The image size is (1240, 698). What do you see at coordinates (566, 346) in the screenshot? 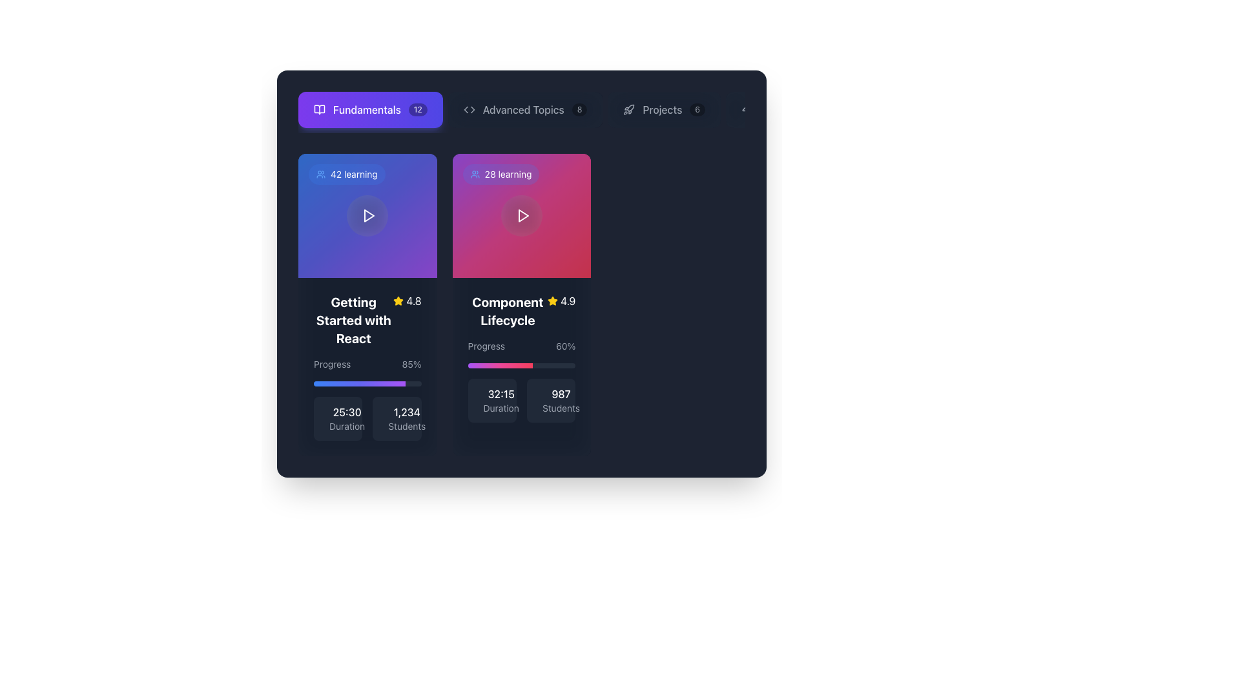
I see `the static text label displaying '60%' which is located above the progress bar in the 'Component Lifecycle' card` at bounding box center [566, 346].